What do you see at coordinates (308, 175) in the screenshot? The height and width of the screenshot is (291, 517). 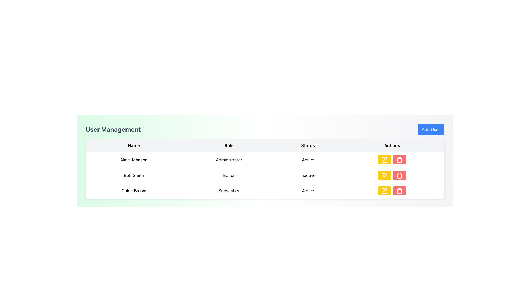 I see `the 'Inactive' text label located in the 'Status' column of the second row, which is adjacent to the 'Editor' entry in the 'Role' column` at bounding box center [308, 175].